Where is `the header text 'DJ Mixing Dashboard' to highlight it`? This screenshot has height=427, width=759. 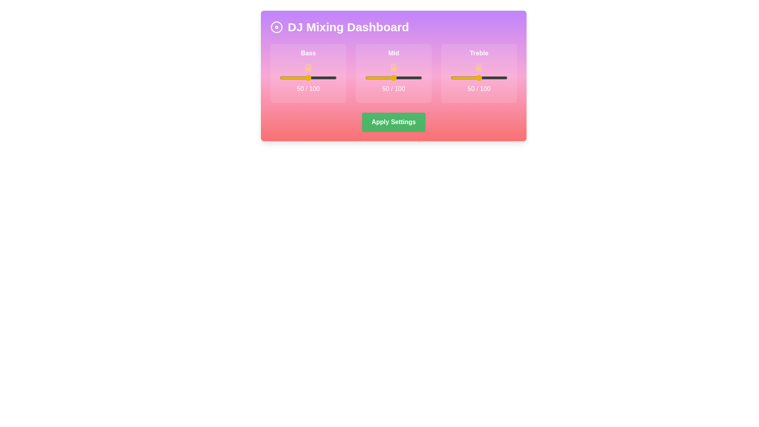
the header text 'DJ Mixing Dashboard' to highlight it is located at coordinates (348, 27).